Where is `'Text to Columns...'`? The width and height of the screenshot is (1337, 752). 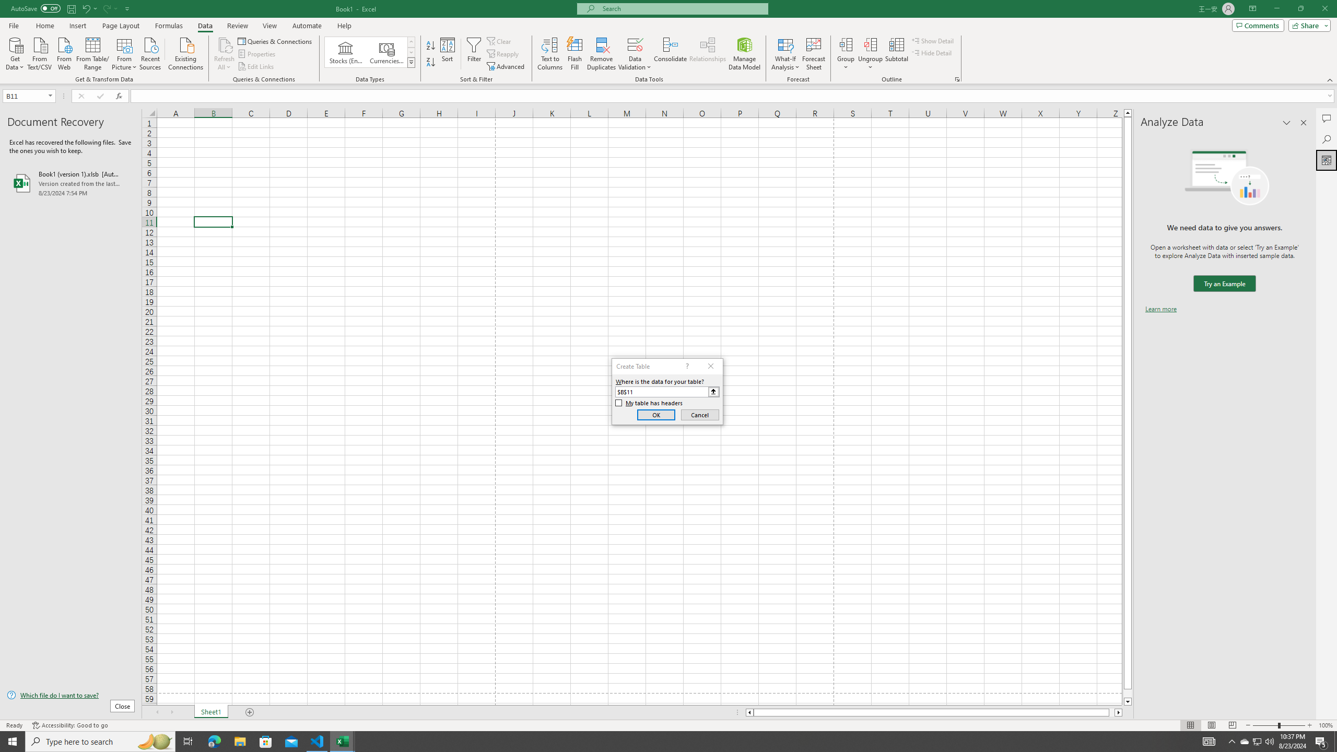
'Text to Columns...' is located at coordinates (549, 54).